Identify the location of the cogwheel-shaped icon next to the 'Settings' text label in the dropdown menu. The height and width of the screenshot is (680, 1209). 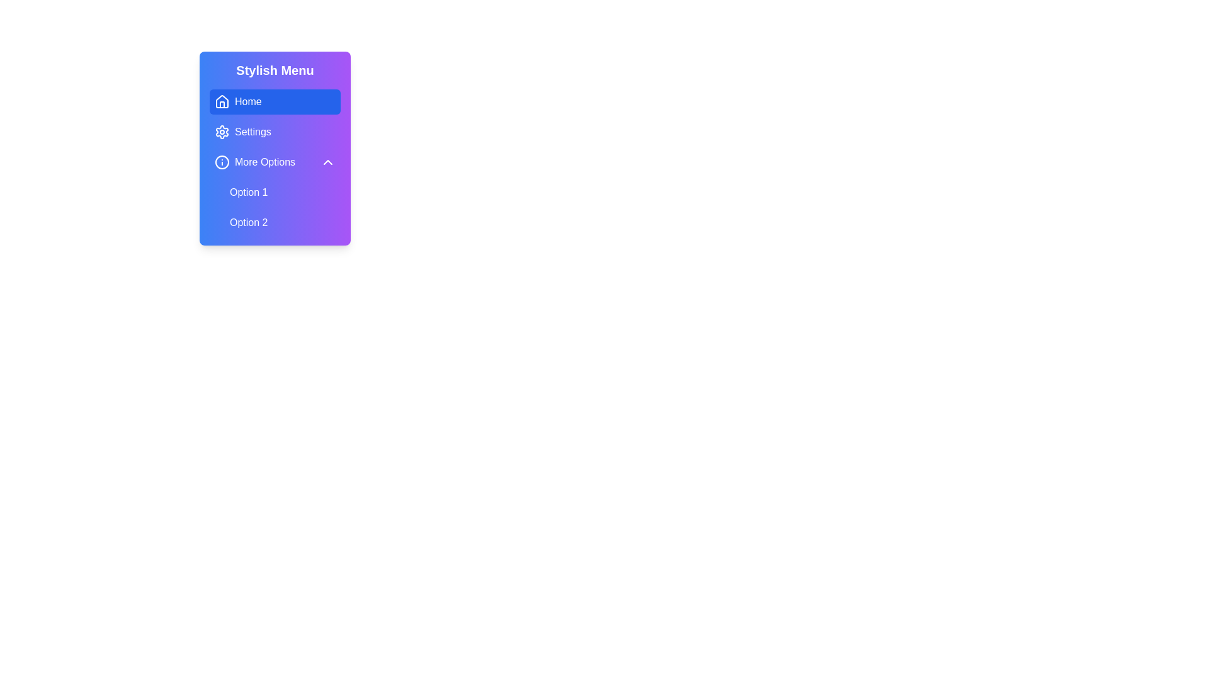
(222, 132).